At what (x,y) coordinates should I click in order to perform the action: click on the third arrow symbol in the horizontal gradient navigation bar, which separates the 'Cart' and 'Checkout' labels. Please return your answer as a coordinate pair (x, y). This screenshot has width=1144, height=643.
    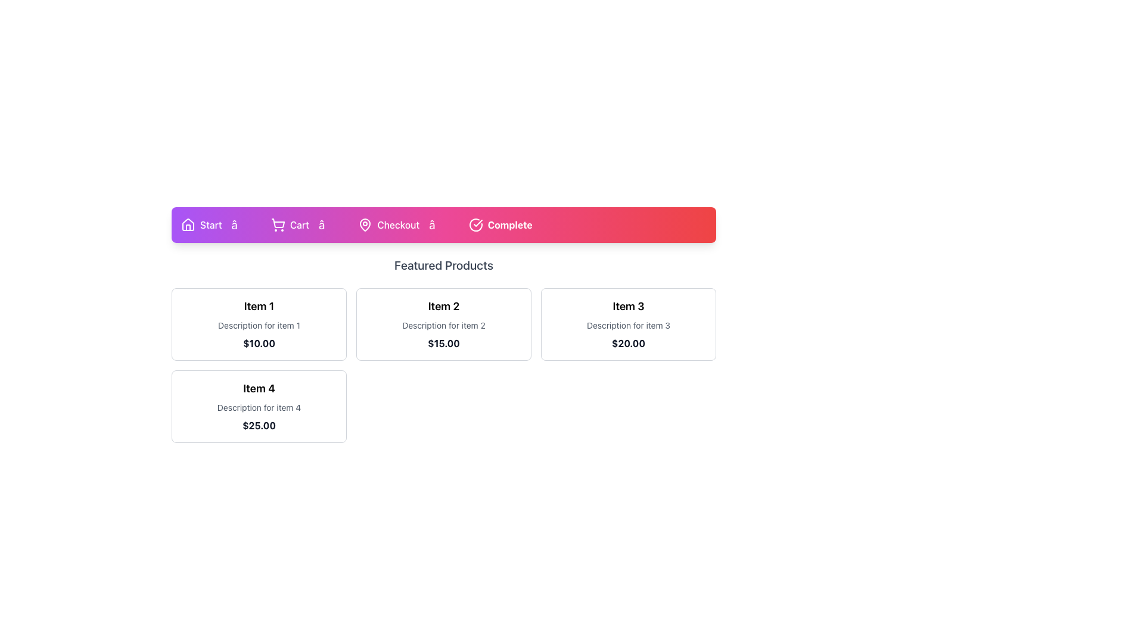
    Looking at the image, I should click on (334, 225).